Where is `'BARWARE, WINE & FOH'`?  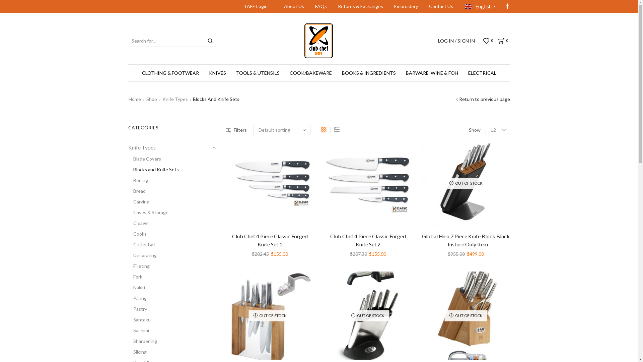 'BARWARE, WINE & FOH' is located at coordinates (432, 73).